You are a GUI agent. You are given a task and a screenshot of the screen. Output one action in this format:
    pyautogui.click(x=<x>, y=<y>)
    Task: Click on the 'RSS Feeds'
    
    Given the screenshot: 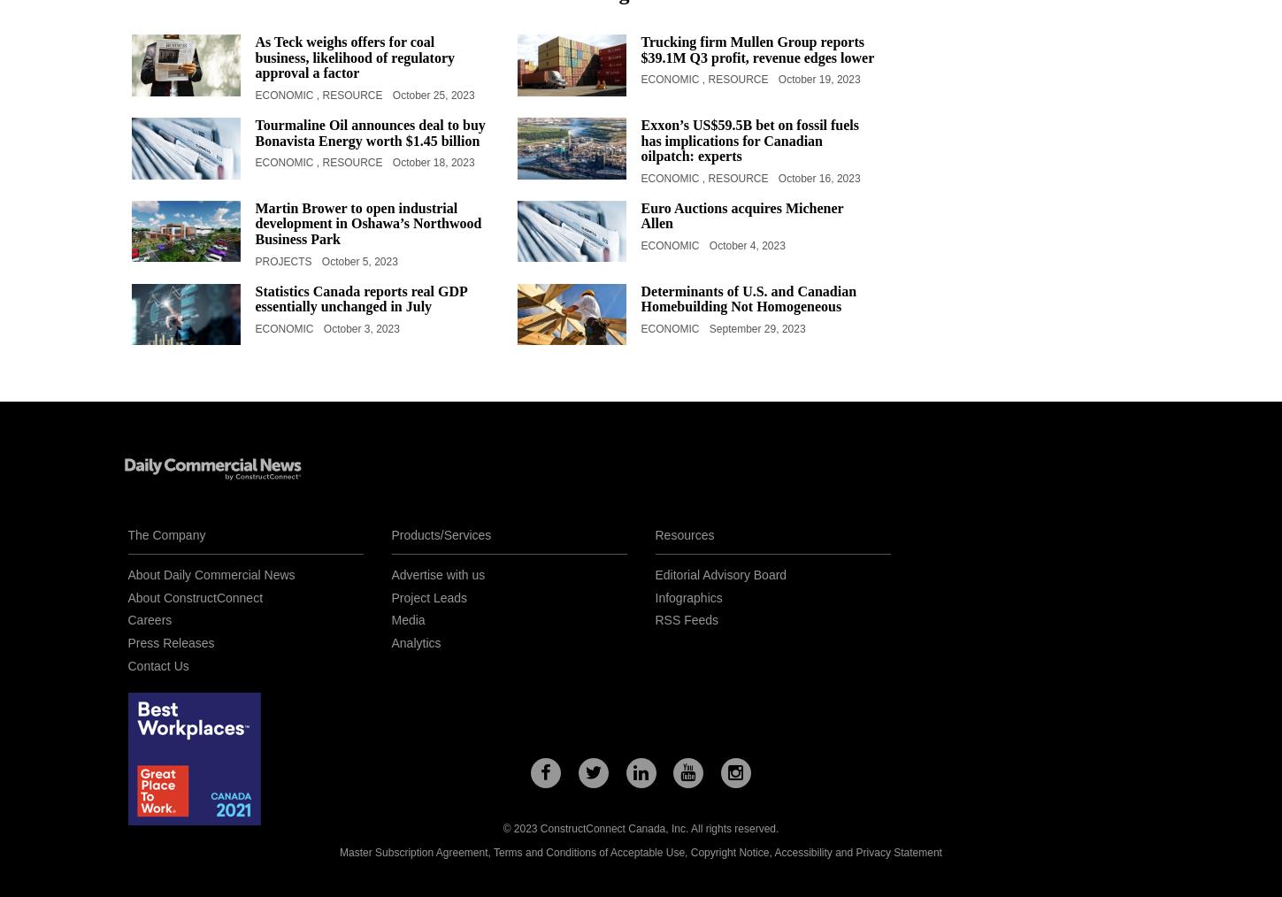 What is the action you would take?
    pyautogui.click(x=685, y=618)
    